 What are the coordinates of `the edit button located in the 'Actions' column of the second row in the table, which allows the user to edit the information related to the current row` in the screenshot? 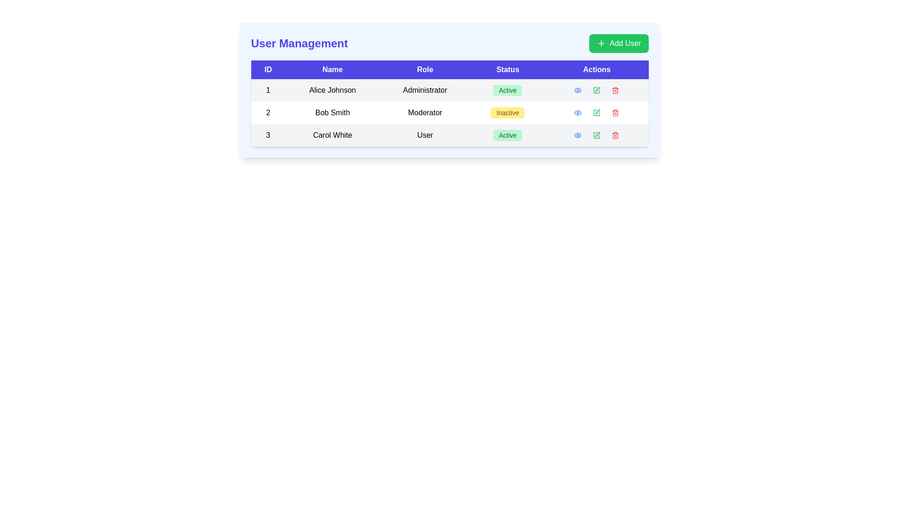 It's located at (596, 112).